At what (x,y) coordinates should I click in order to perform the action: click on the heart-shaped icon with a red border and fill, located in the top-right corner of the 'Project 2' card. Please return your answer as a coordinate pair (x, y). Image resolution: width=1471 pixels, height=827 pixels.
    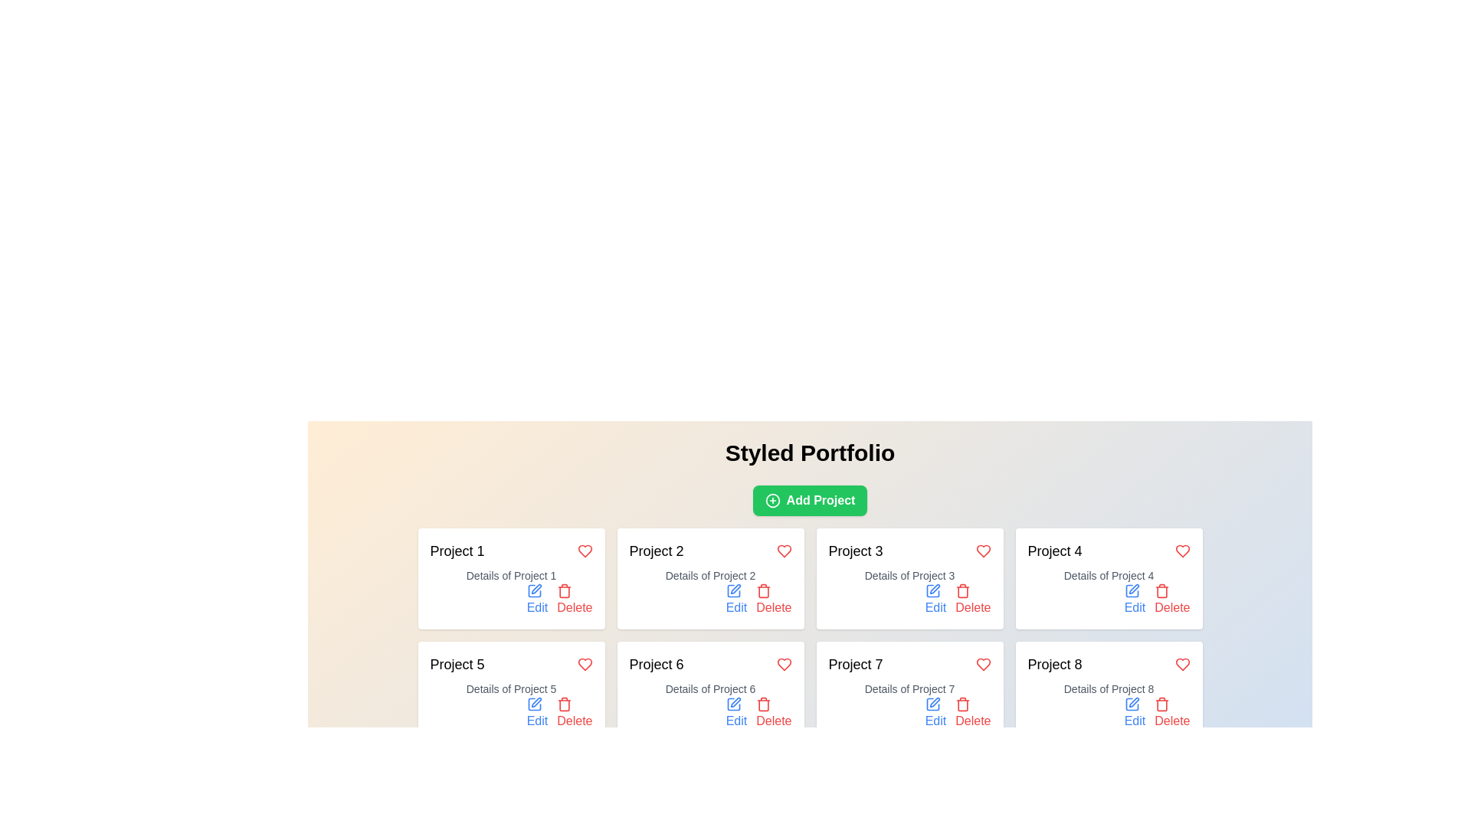
    Looking at the image, I should click on (784, 551).